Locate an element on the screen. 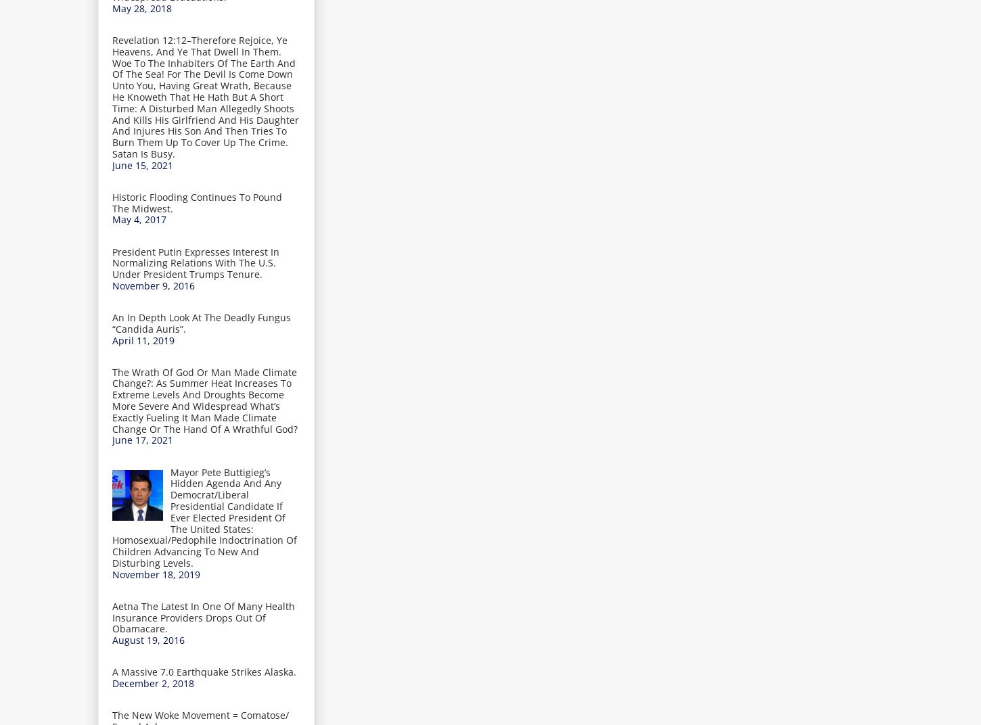  'An In Depth Look At The Deadly Fungus “Candida Auris”.' is located at coordinates (112, 323).